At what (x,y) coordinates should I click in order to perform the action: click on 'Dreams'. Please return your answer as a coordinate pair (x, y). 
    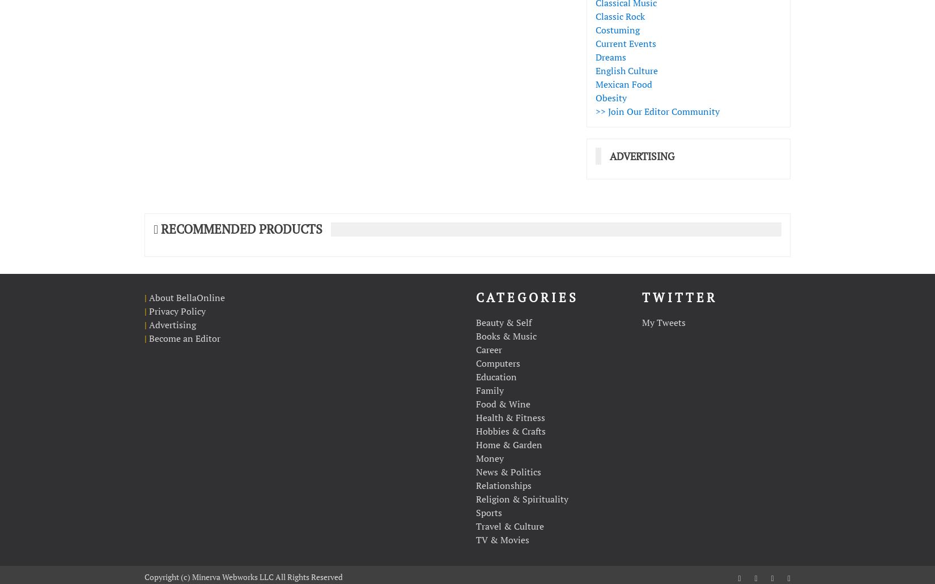
    Looking at the image, I should click on (596, 57).